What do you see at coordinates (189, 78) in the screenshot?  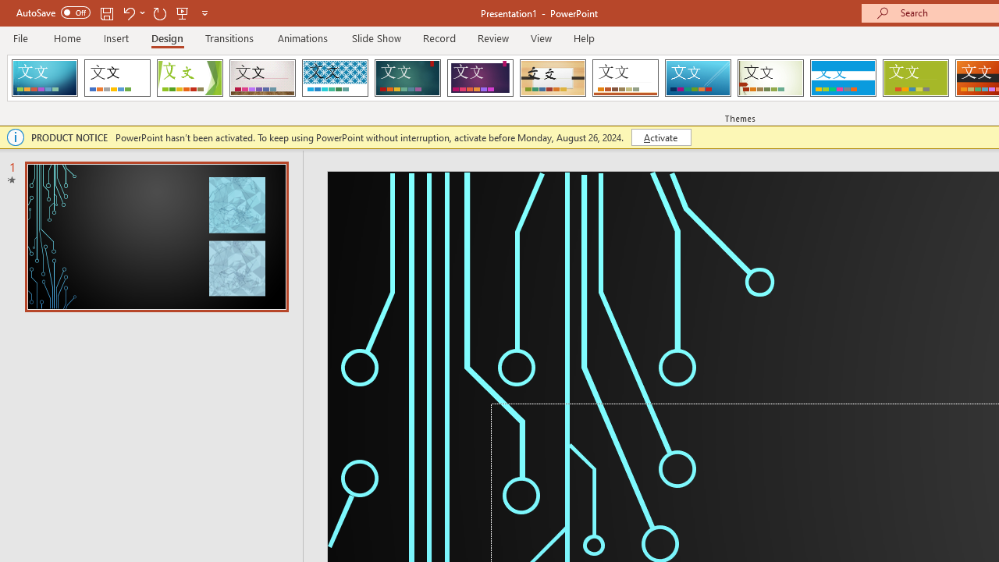 I see `'Facet'` at bounding box center [189, 78].